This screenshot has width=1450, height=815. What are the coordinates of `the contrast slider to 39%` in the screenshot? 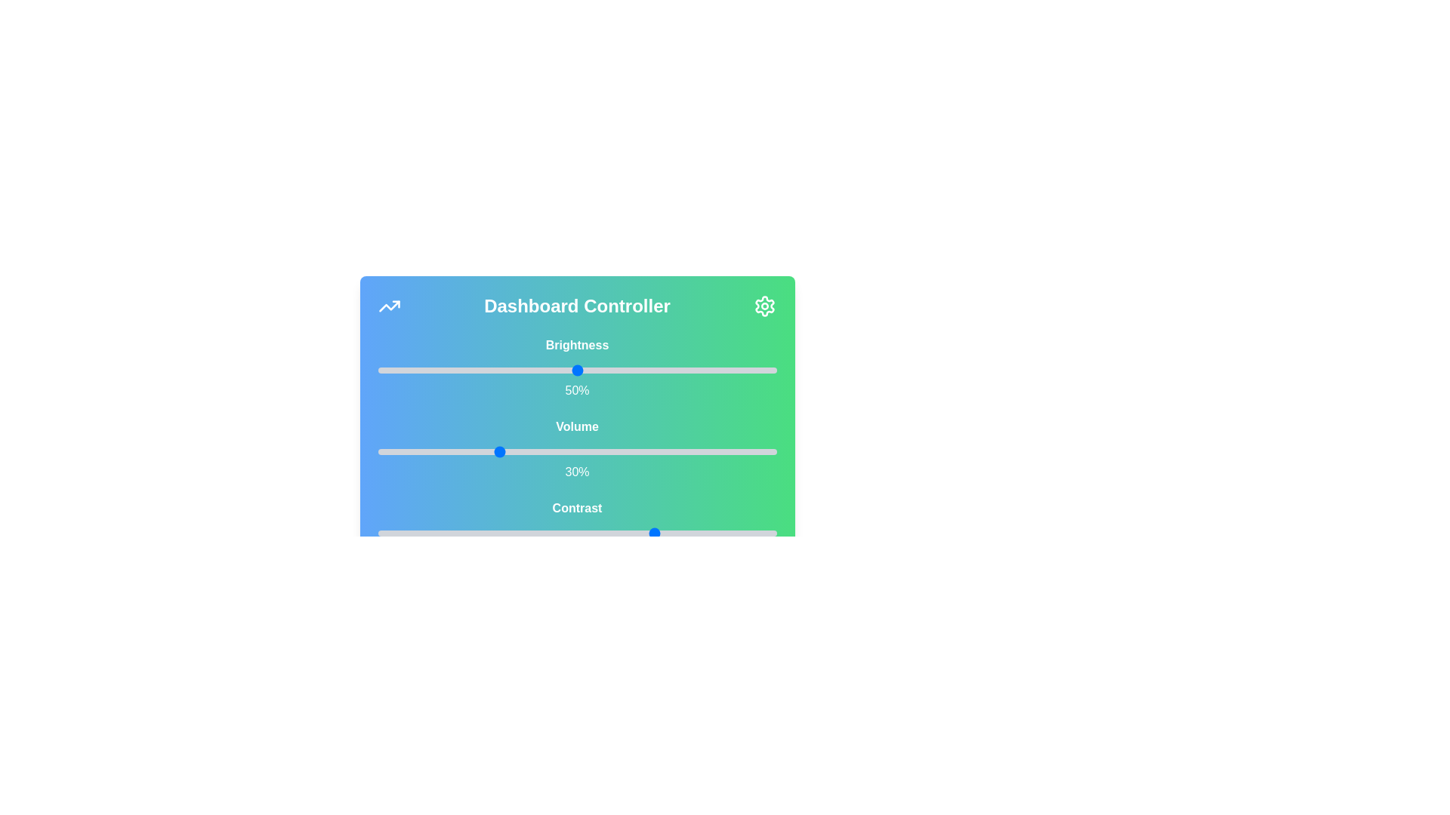 It's located at (533, 532).